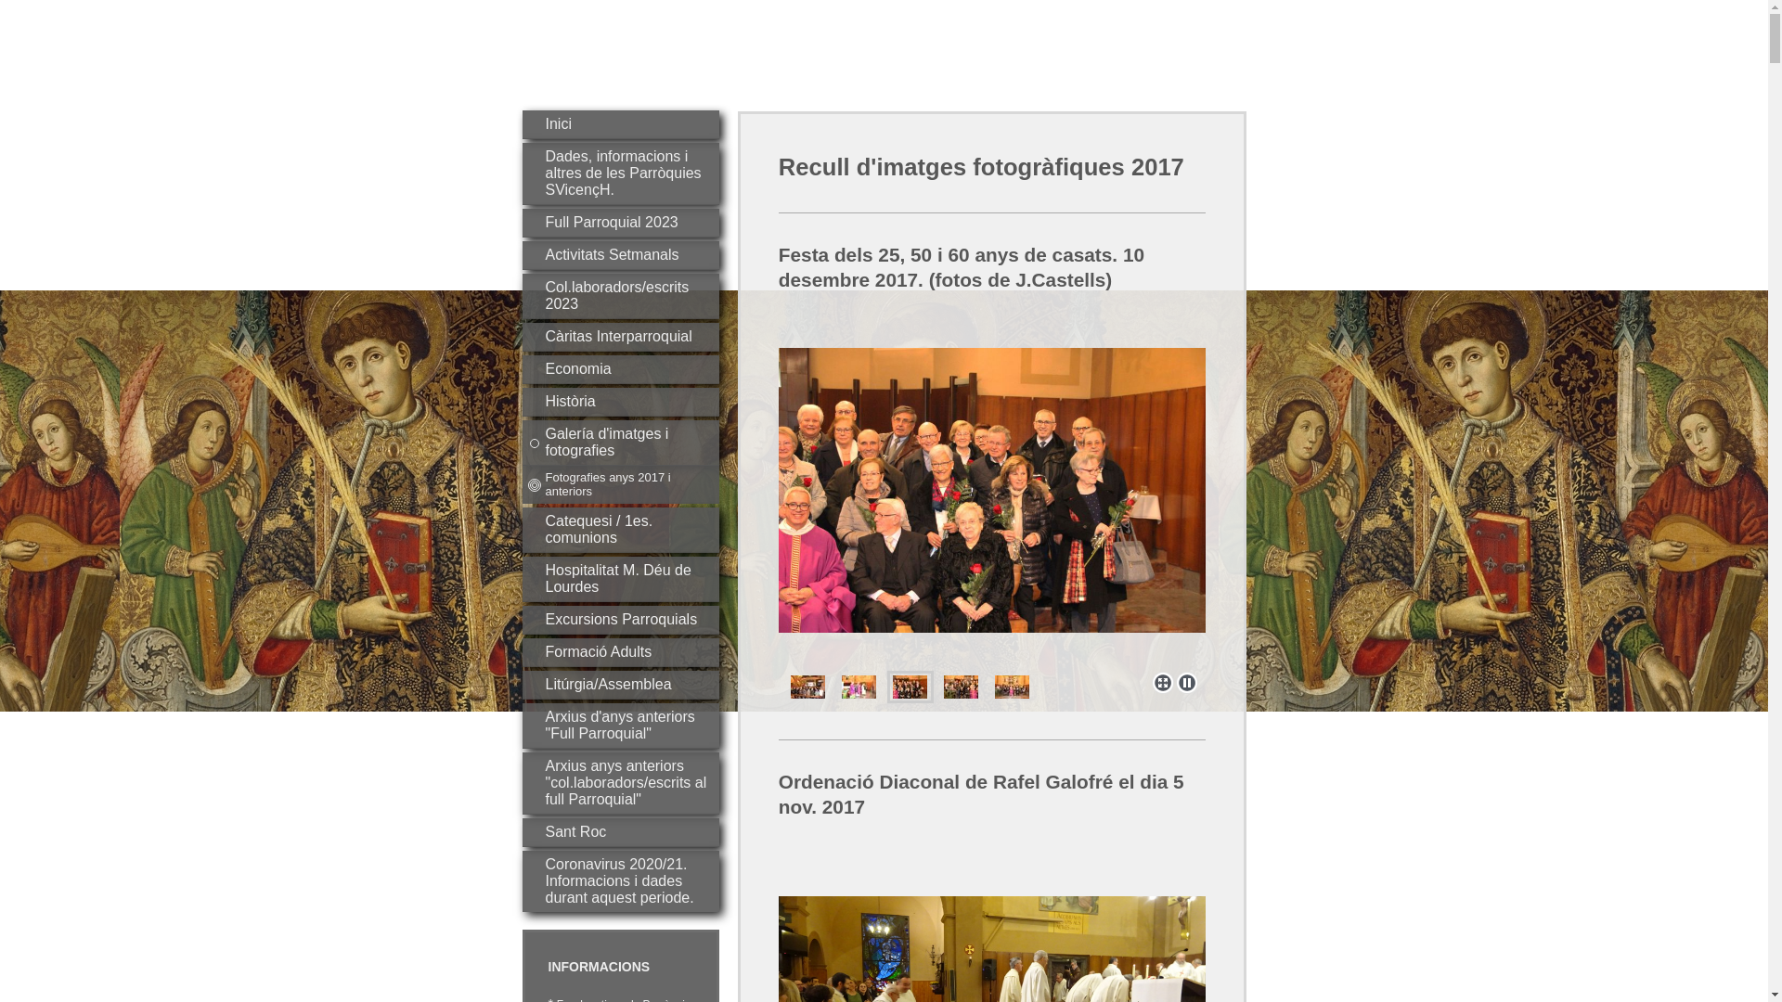 The width and height of the screenshot is (1782, 1002). What do you see at coordinates (619, 255) in the screenshot?
I see `'Activitats Setmanals'` at bounding box center [619, 255].